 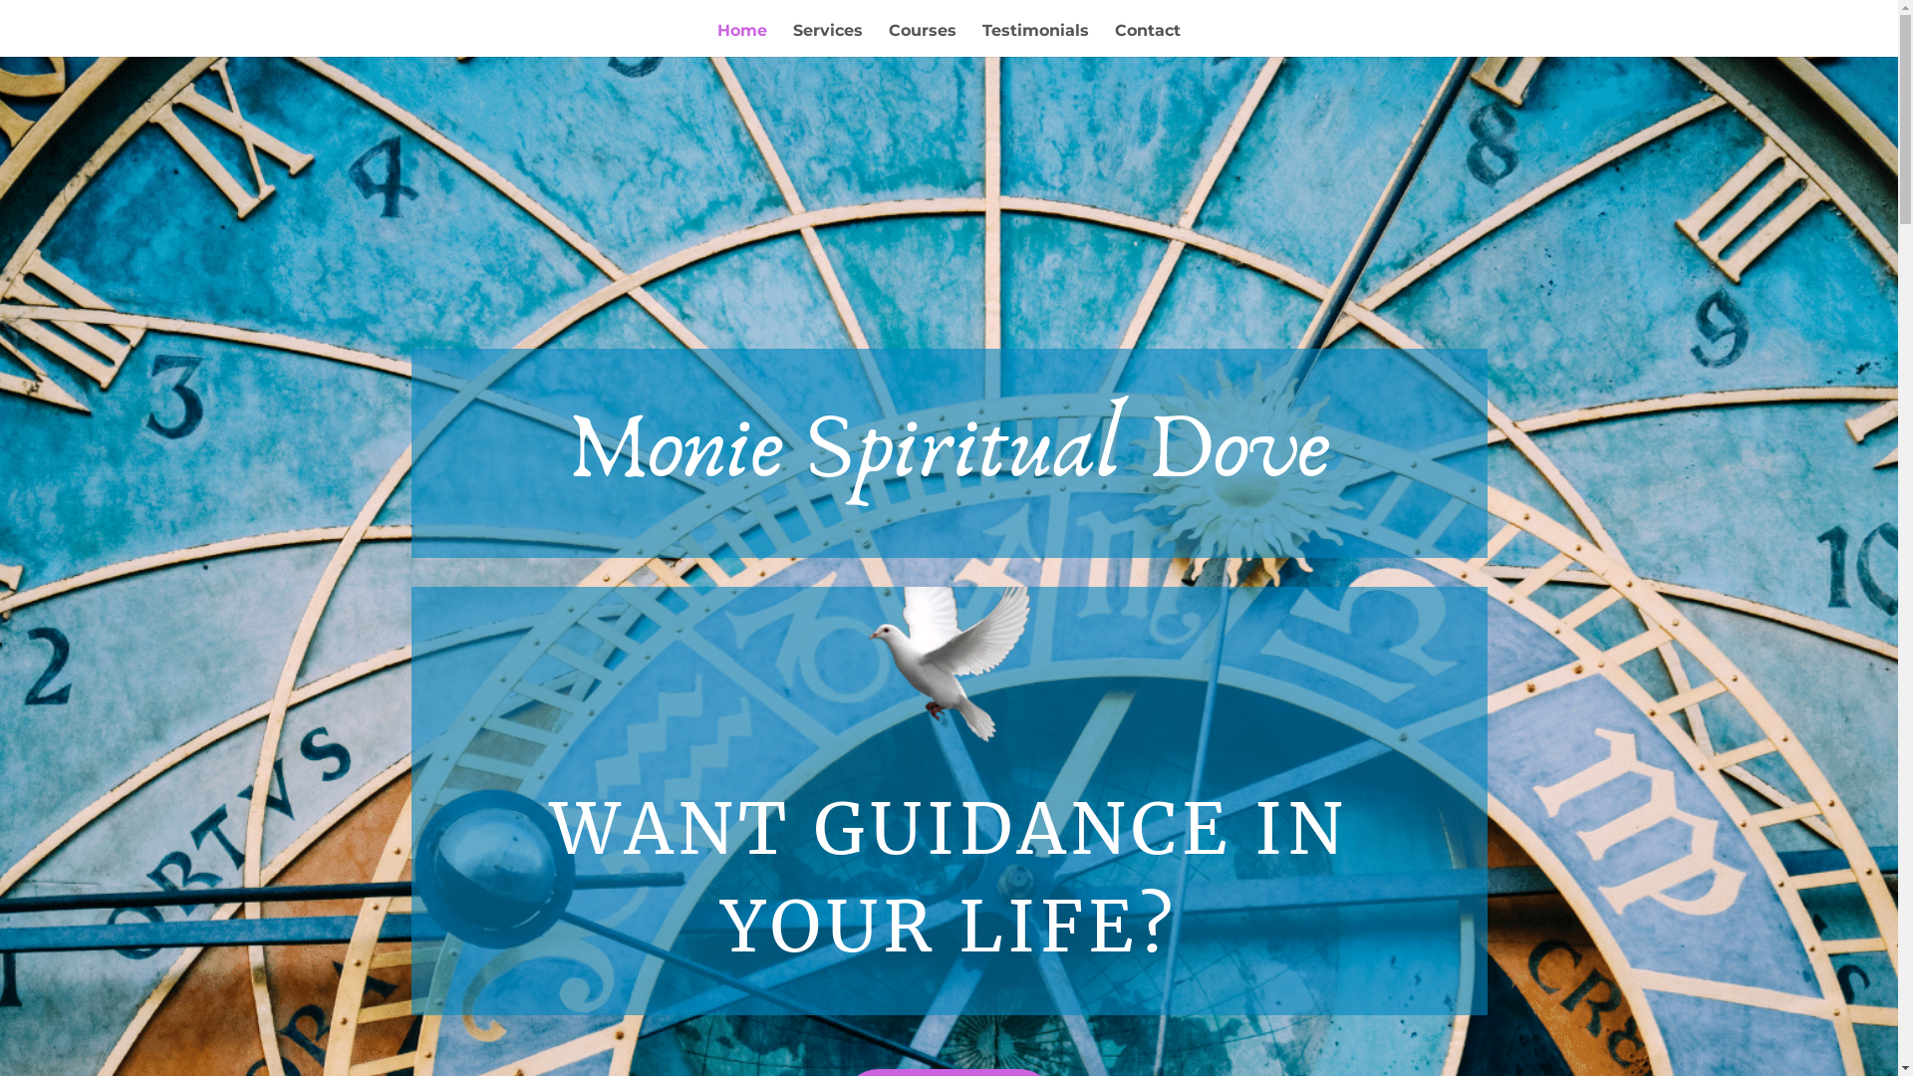 I want to click on 'Contact', so click(x=1148, y=40).